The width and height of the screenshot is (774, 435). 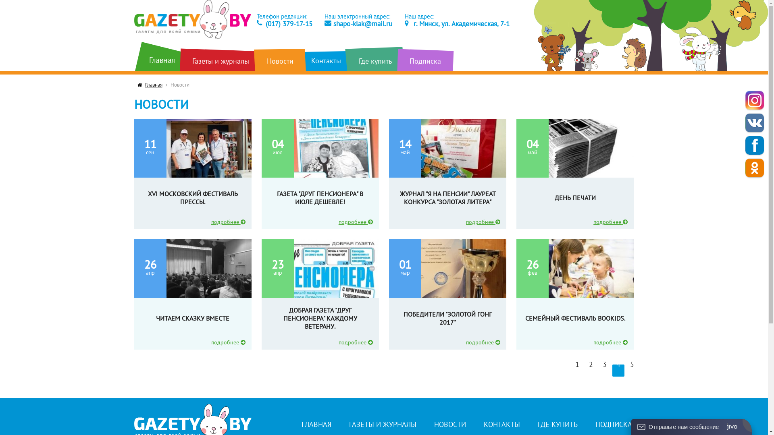 What do you see at coordinates (284, 23) in the screenshot?
I see `'(017) 379-17-15'` at bounding box center [284, 23].